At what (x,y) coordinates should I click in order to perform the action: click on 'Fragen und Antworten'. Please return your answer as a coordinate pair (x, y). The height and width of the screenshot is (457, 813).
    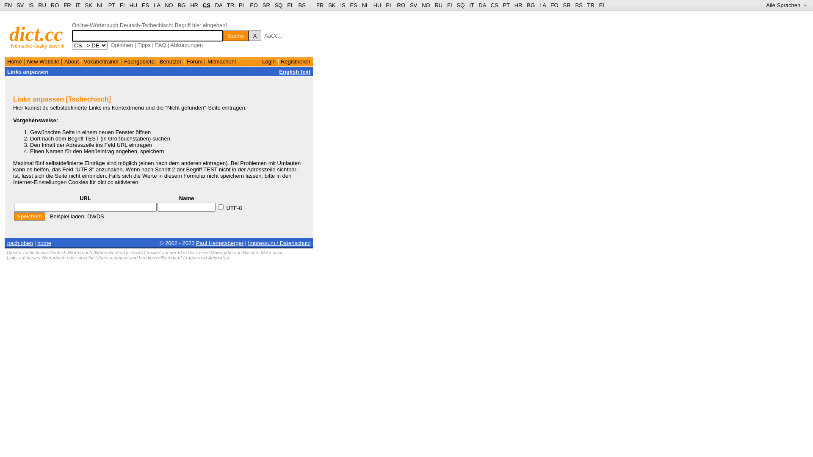
    Looking at the image, I should click on (205, 257).